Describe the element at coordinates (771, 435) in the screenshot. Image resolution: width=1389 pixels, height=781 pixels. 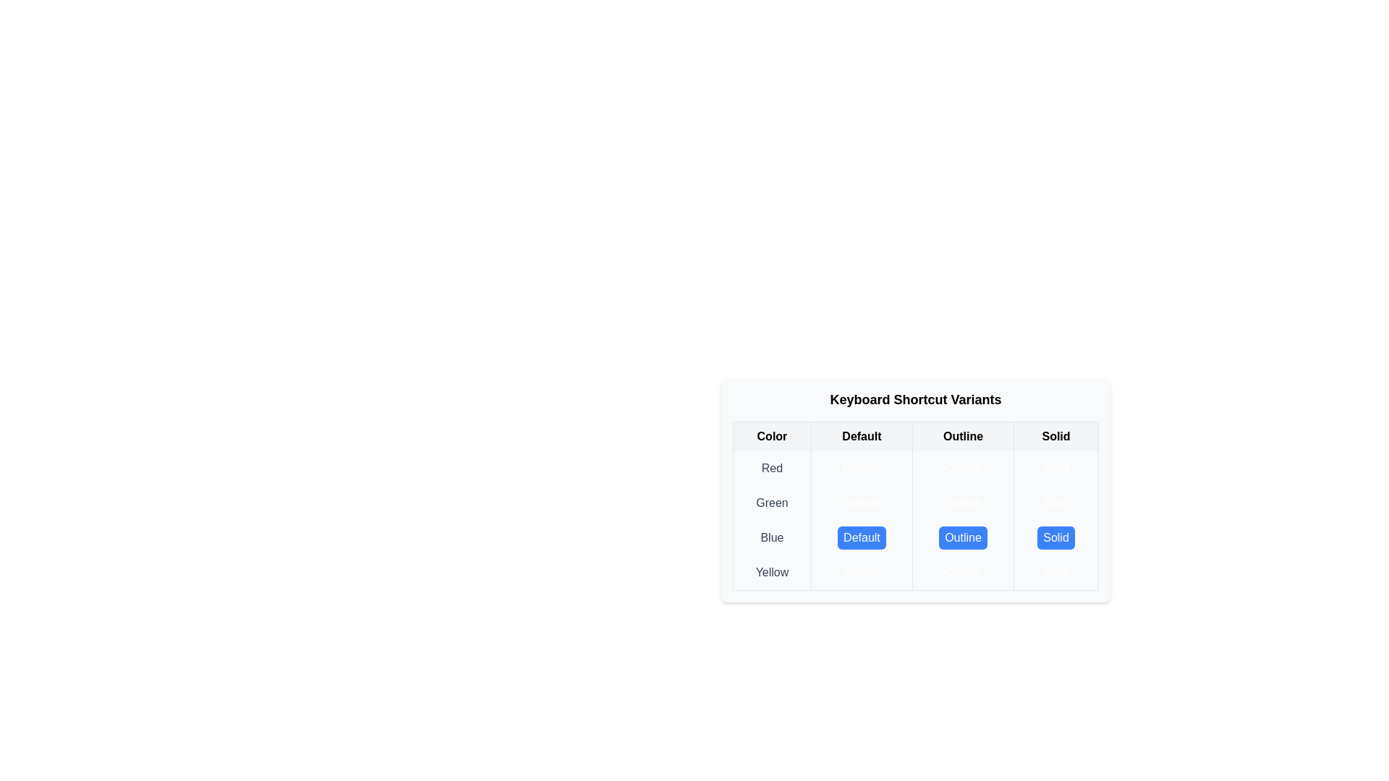
I see `the 'Color' header label in the first column of the grid` at that location.